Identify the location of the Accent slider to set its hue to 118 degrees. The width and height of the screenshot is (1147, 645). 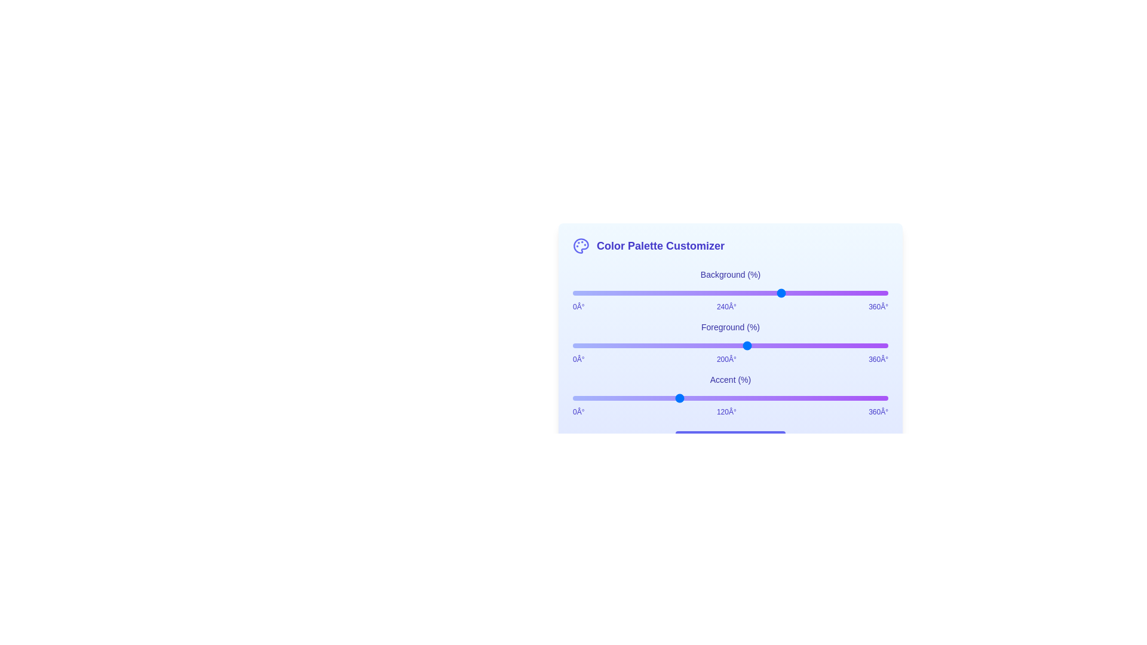
(676, 398).